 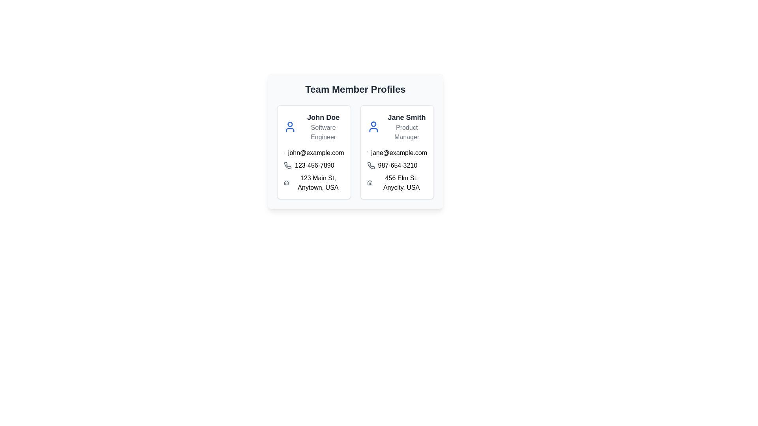 I want to click on the text links on the profile card, which is the rightmost card in a two-card layout displaying individual information, so click(x=397, y=152).